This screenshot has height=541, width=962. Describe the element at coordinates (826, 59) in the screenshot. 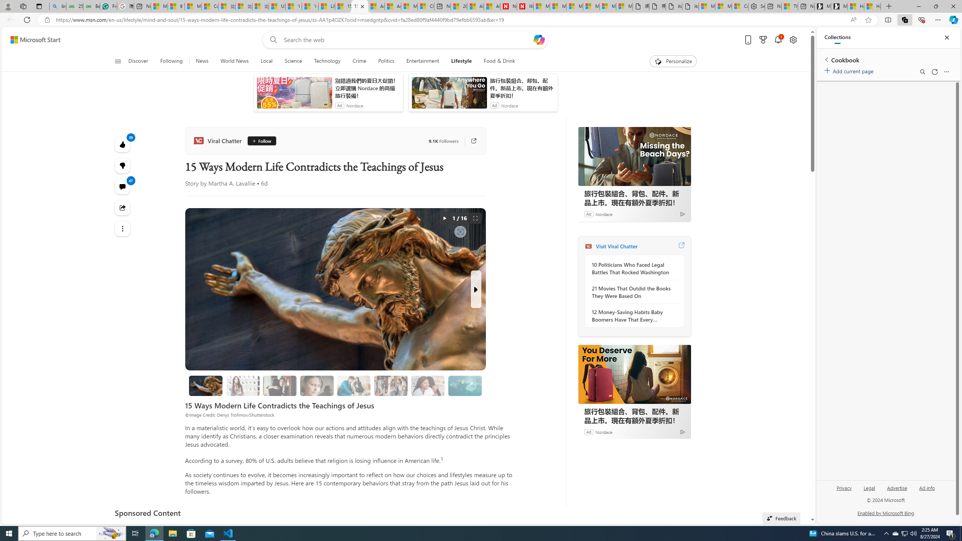

I see `'Back to list of collections'` at that location.